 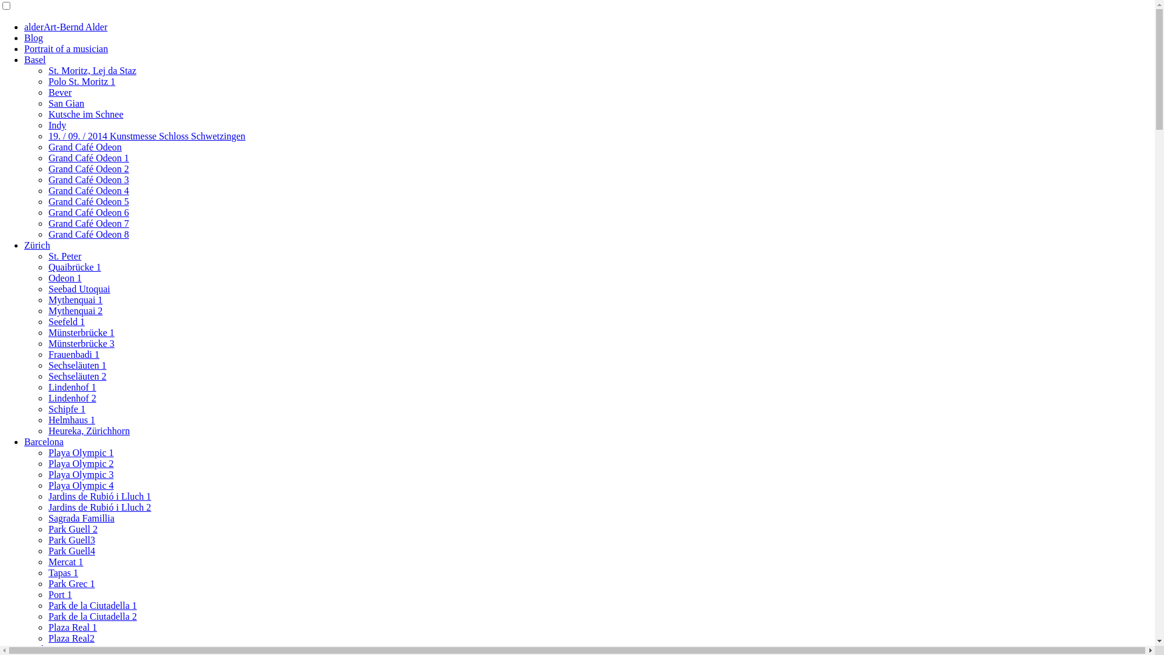 I want to click on 'Frauenbadi 1', so click(x=73, y=354).